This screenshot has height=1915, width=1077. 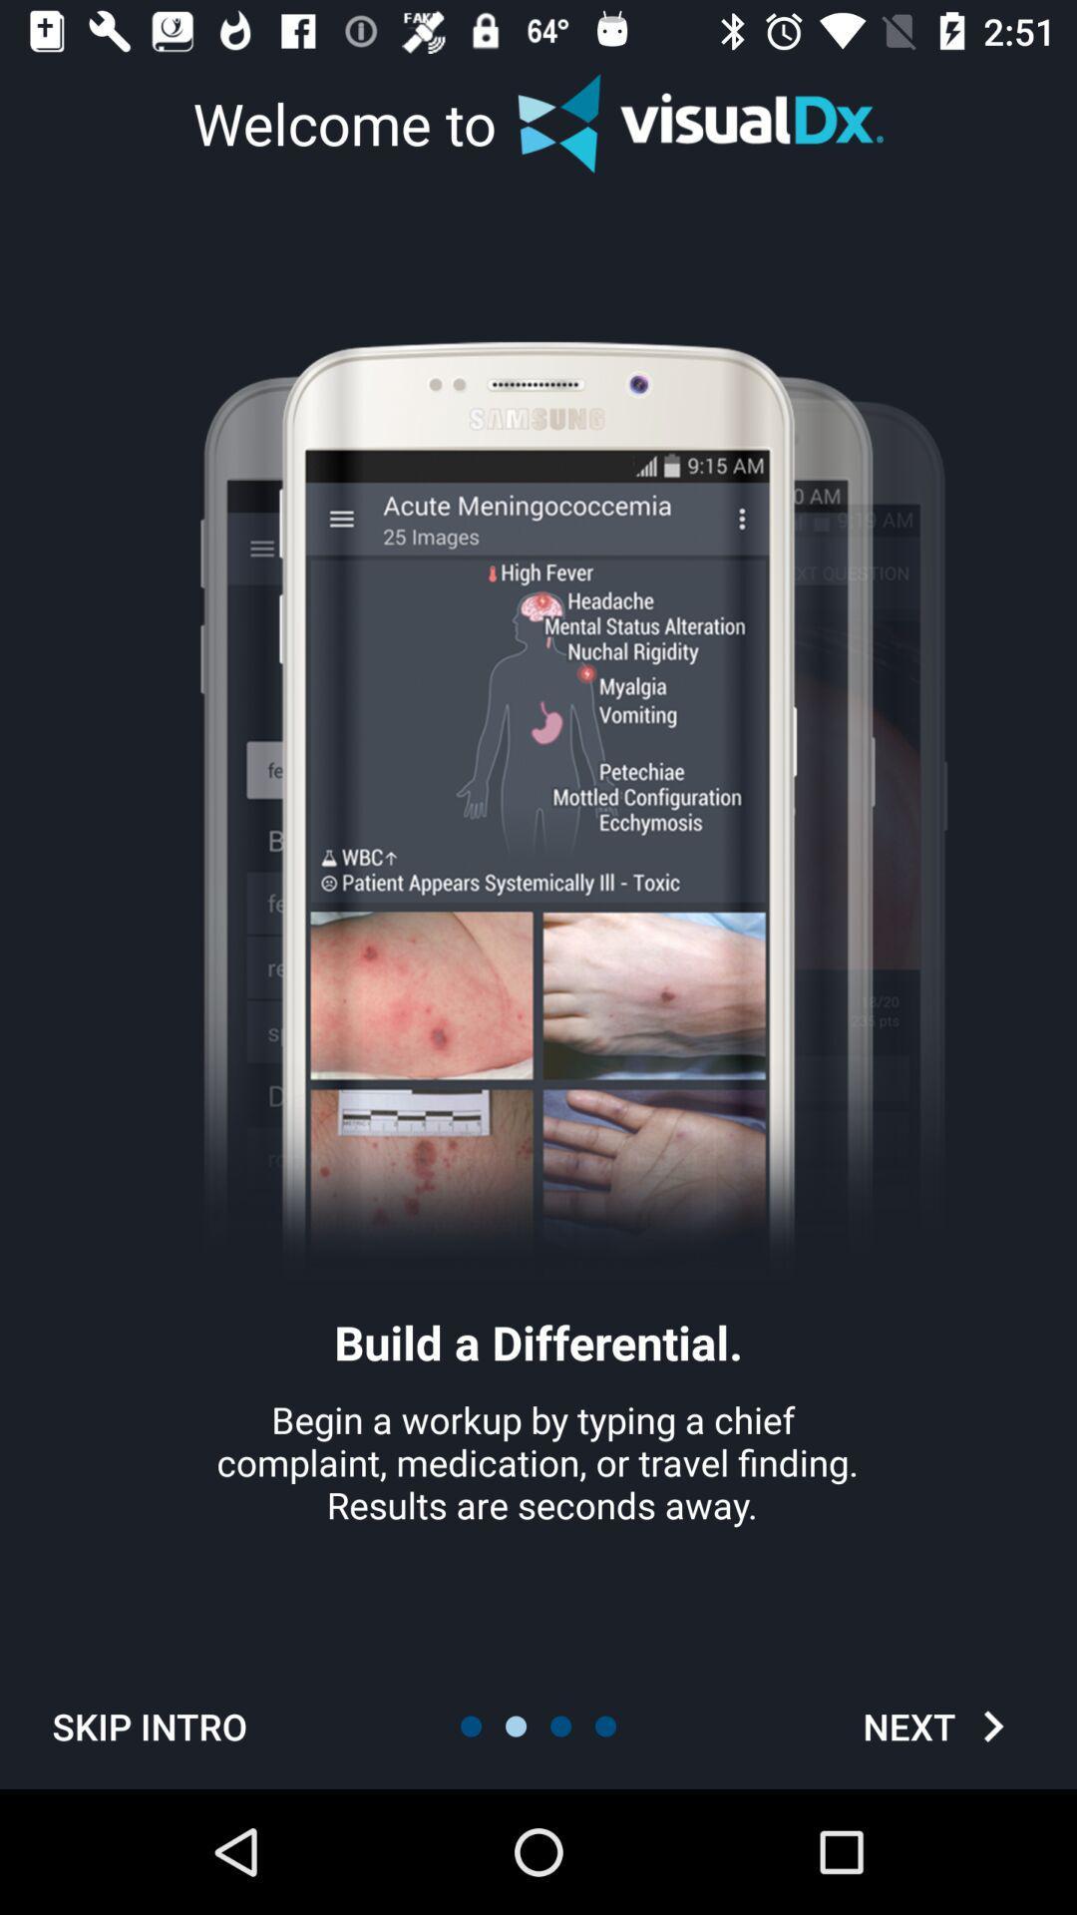 I want to click on icon below begin a workup icon, so click(x=149, y=1725).